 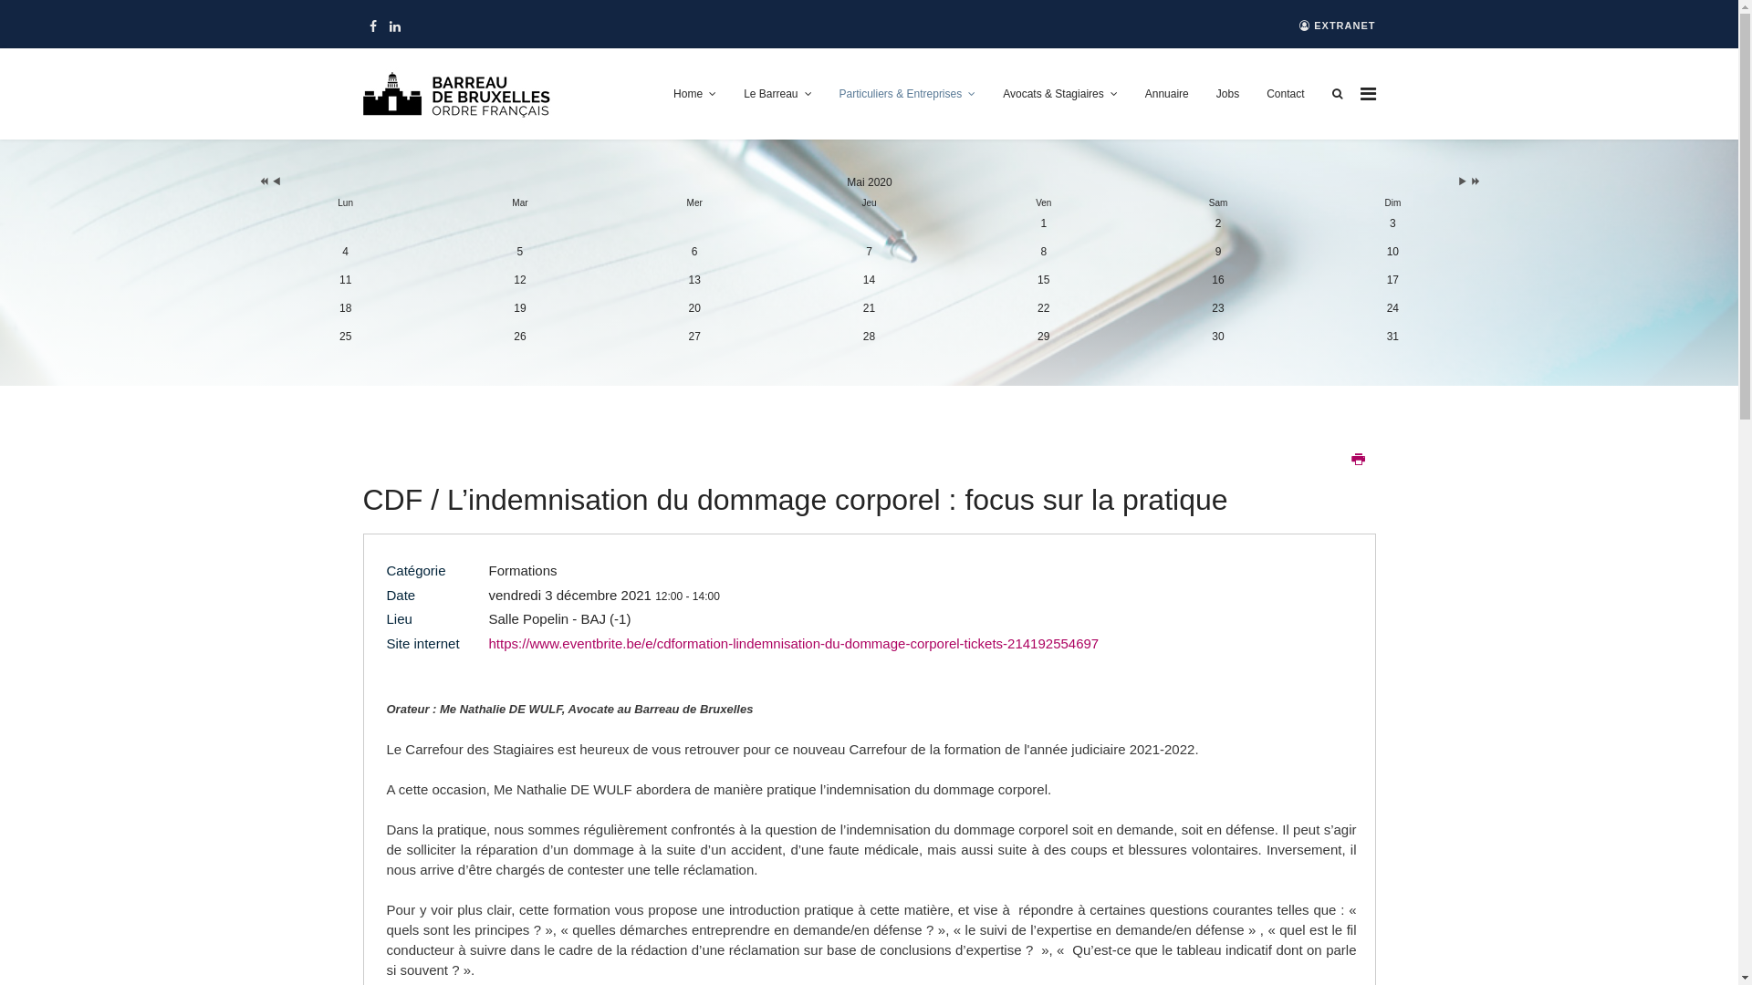 I want to click on 'Mois suivant', so click(x=1463, y=182).